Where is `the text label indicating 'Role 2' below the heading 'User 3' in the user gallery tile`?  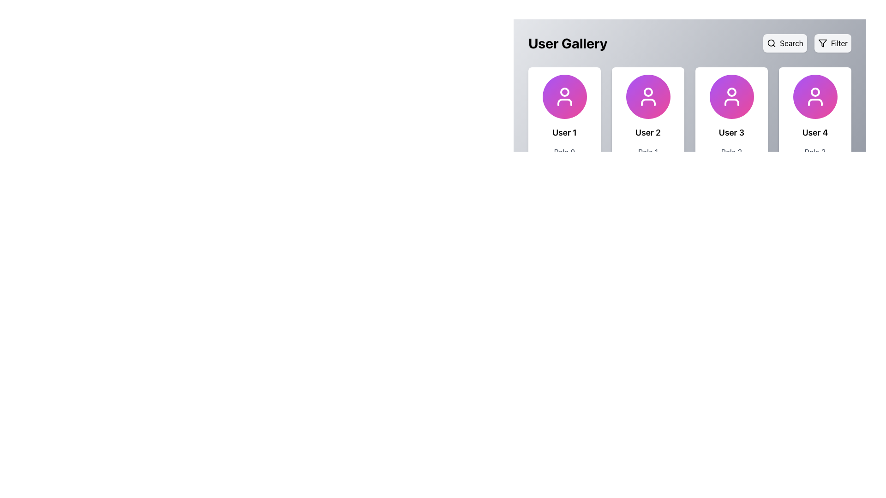
the text label indicating 'Role 2' below the heading 'User 3' in the user gallery tile is located at coordinates (731, 152).